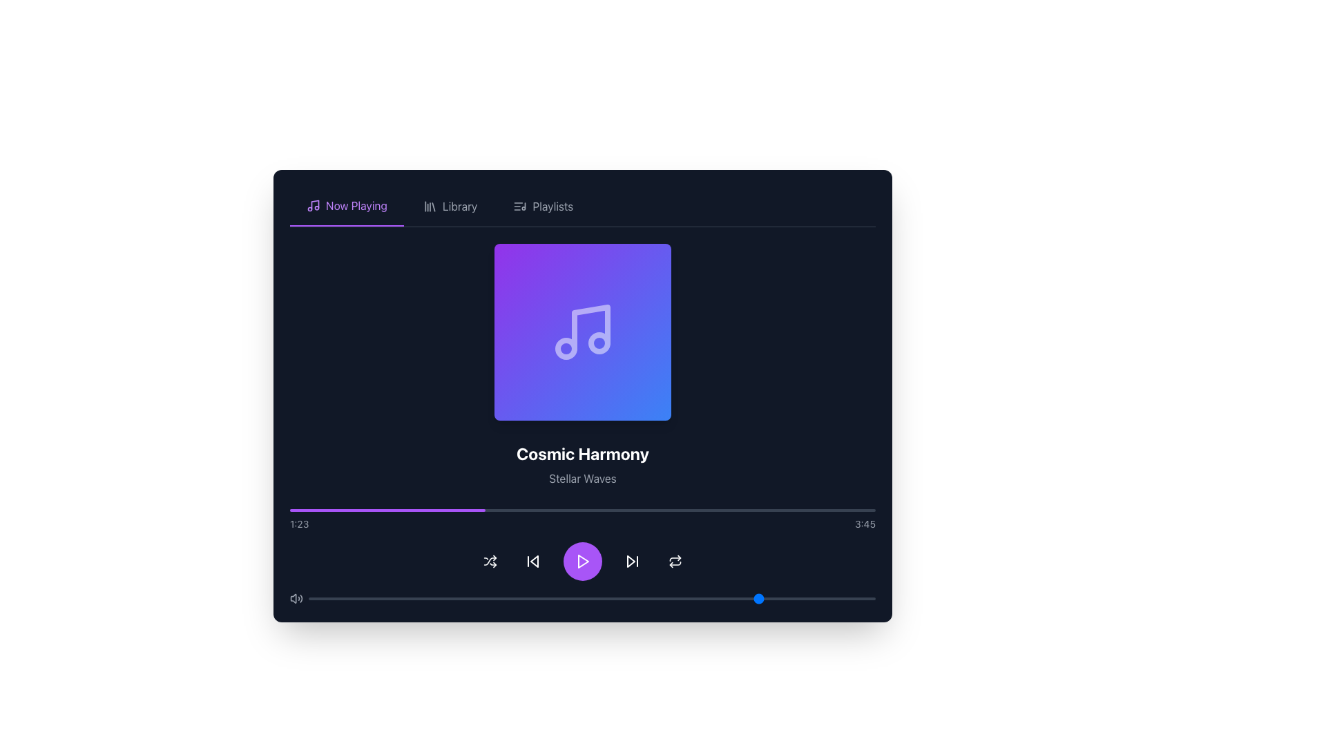  I want to click on the 'next track' button located in the bottom center of the interface, which is the fourth control from the left in the horizontal control bar, to skip to the next track, so click(632, 562).